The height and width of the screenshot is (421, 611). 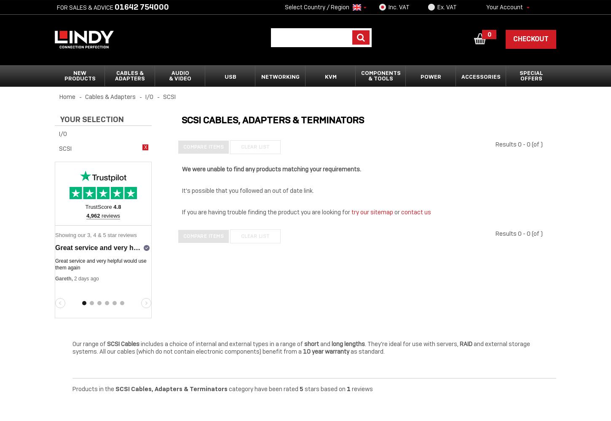 I want to click on 'Products', so click(x=79, y=78).